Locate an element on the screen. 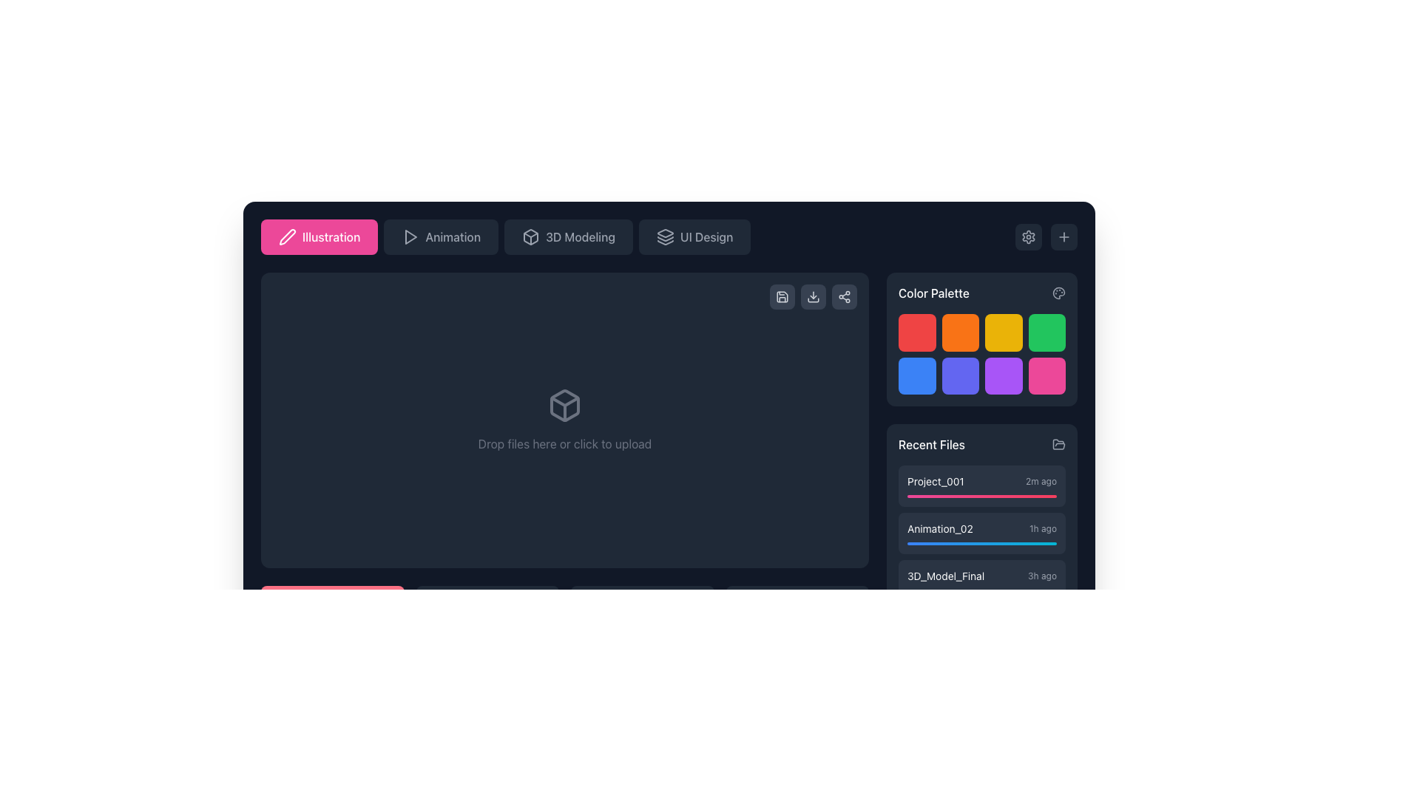 The width and height of the screenshot is (1420, 798). the first navigation button for 'Illustration' located at the top-left corner of the button row is located at coordinates (319, 236).